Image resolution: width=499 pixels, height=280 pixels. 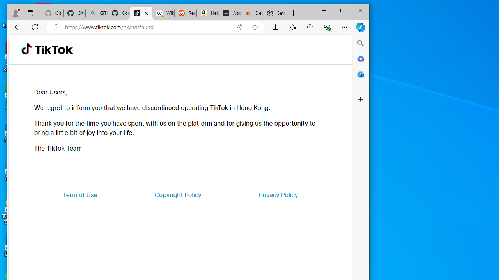 What do you see at coordinates (163, 13) in the screenshot?
I see `'Wikipedia, the free encyclopedia'` at bounding box center [163, 13].